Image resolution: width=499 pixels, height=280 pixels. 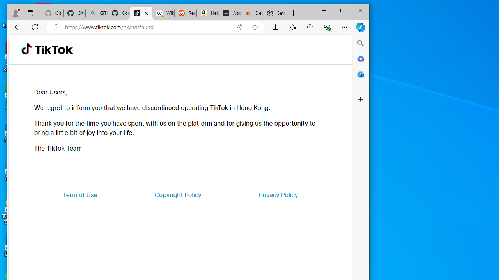 What do you see at coordinates (163, 13) in the screenshot?
I see `'Wikipedia, the free encyclopedia'` at bounding box center [163, 13].